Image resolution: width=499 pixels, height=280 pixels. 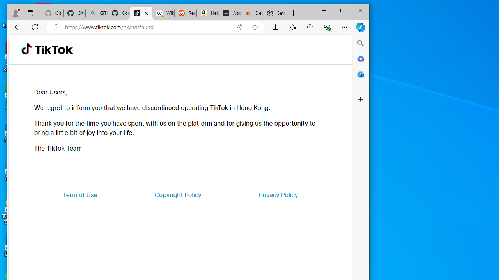 What do you see at coordinates (163, 13) in the screenshot?
I see `'Wikipedia, the free encyclopedia'` at bounding box center [163, 13].